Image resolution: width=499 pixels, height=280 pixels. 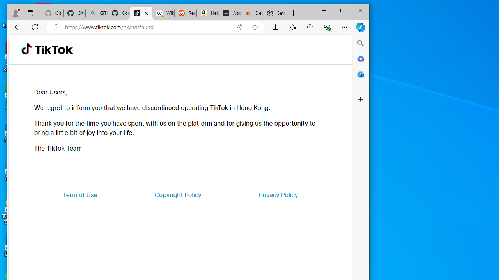 What do you see at coordinates (163, 13) in the screenshot?
I see `'Wikipedia, the free encyclopedia'` at bounding box center [163, 13].